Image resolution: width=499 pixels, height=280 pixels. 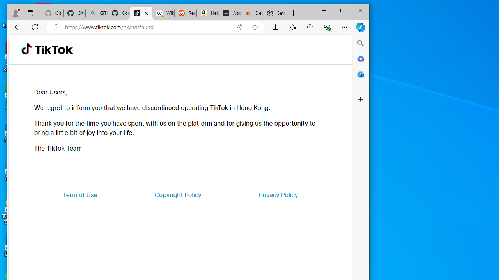 What do you see at coordinates (163, 13) in the screenshot?
I see `'Wikipedia, the free encyclopedia'` at bounding box center [163, 13].